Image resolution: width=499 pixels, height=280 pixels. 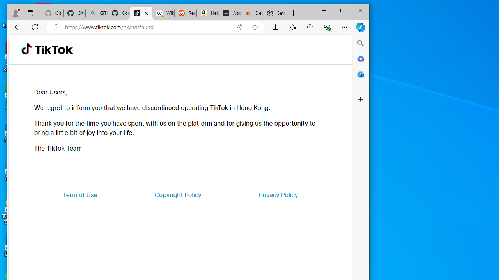 What do you see at coordinates (163, 13) in the screenshot?
I see `'Wikipedia, the free encyclopedia'` at bounding box center [163, 13].